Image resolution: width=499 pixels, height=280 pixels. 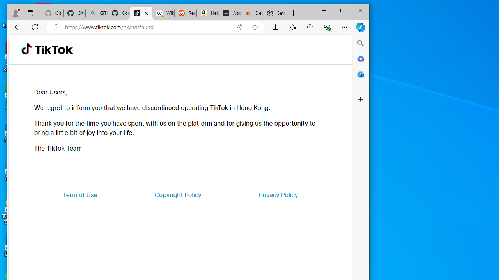 What do you see at coordinates (163, 13) in the screenshot?
I see `'Wikipedia, the free encyclopedia'` at bounding box center [163, 13].